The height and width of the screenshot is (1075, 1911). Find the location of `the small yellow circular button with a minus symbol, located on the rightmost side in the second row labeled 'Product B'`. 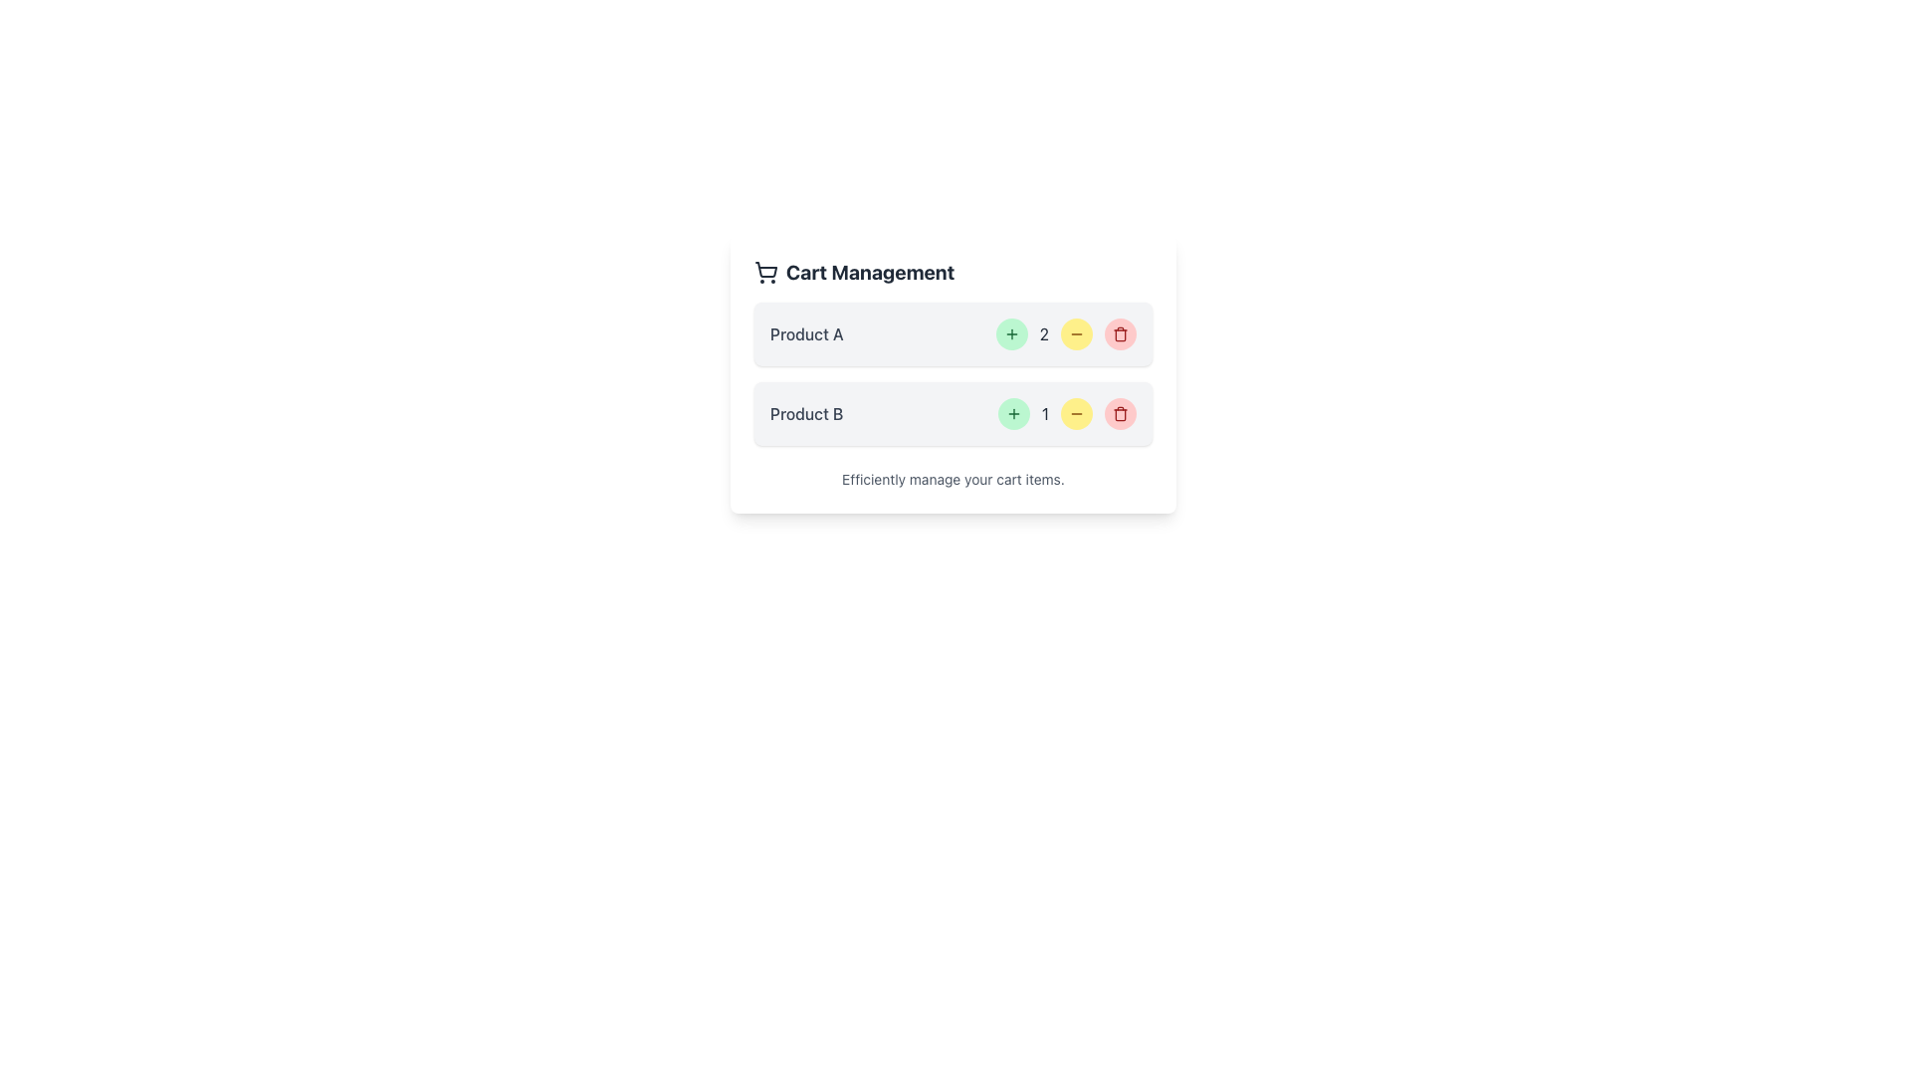

the small yellow circular button with a minus symbol, located on the rightmost side in the second row labeled 'Product B' is located at coordinates (1075, 413).